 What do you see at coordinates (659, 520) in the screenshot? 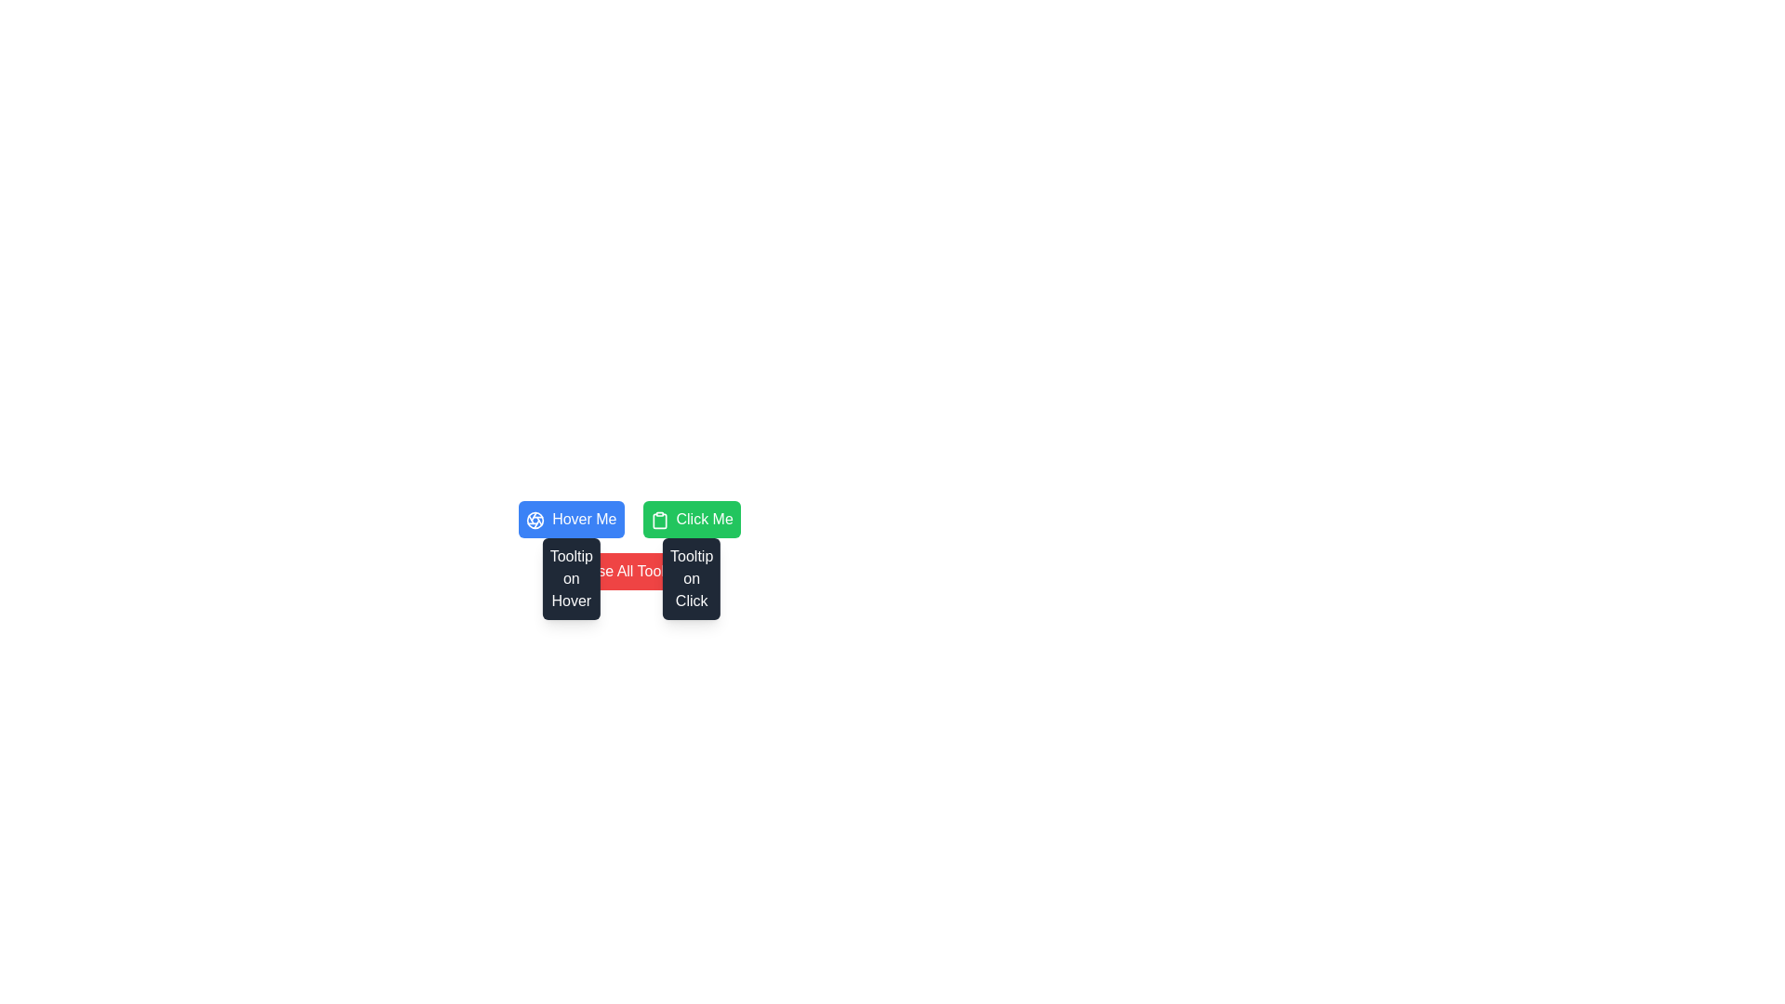
I see `the clipboard icon which is left-aligned within the green button labeled 'Click Me' located in the top-right quadrant of the interface` at bounding box center [659, 520].